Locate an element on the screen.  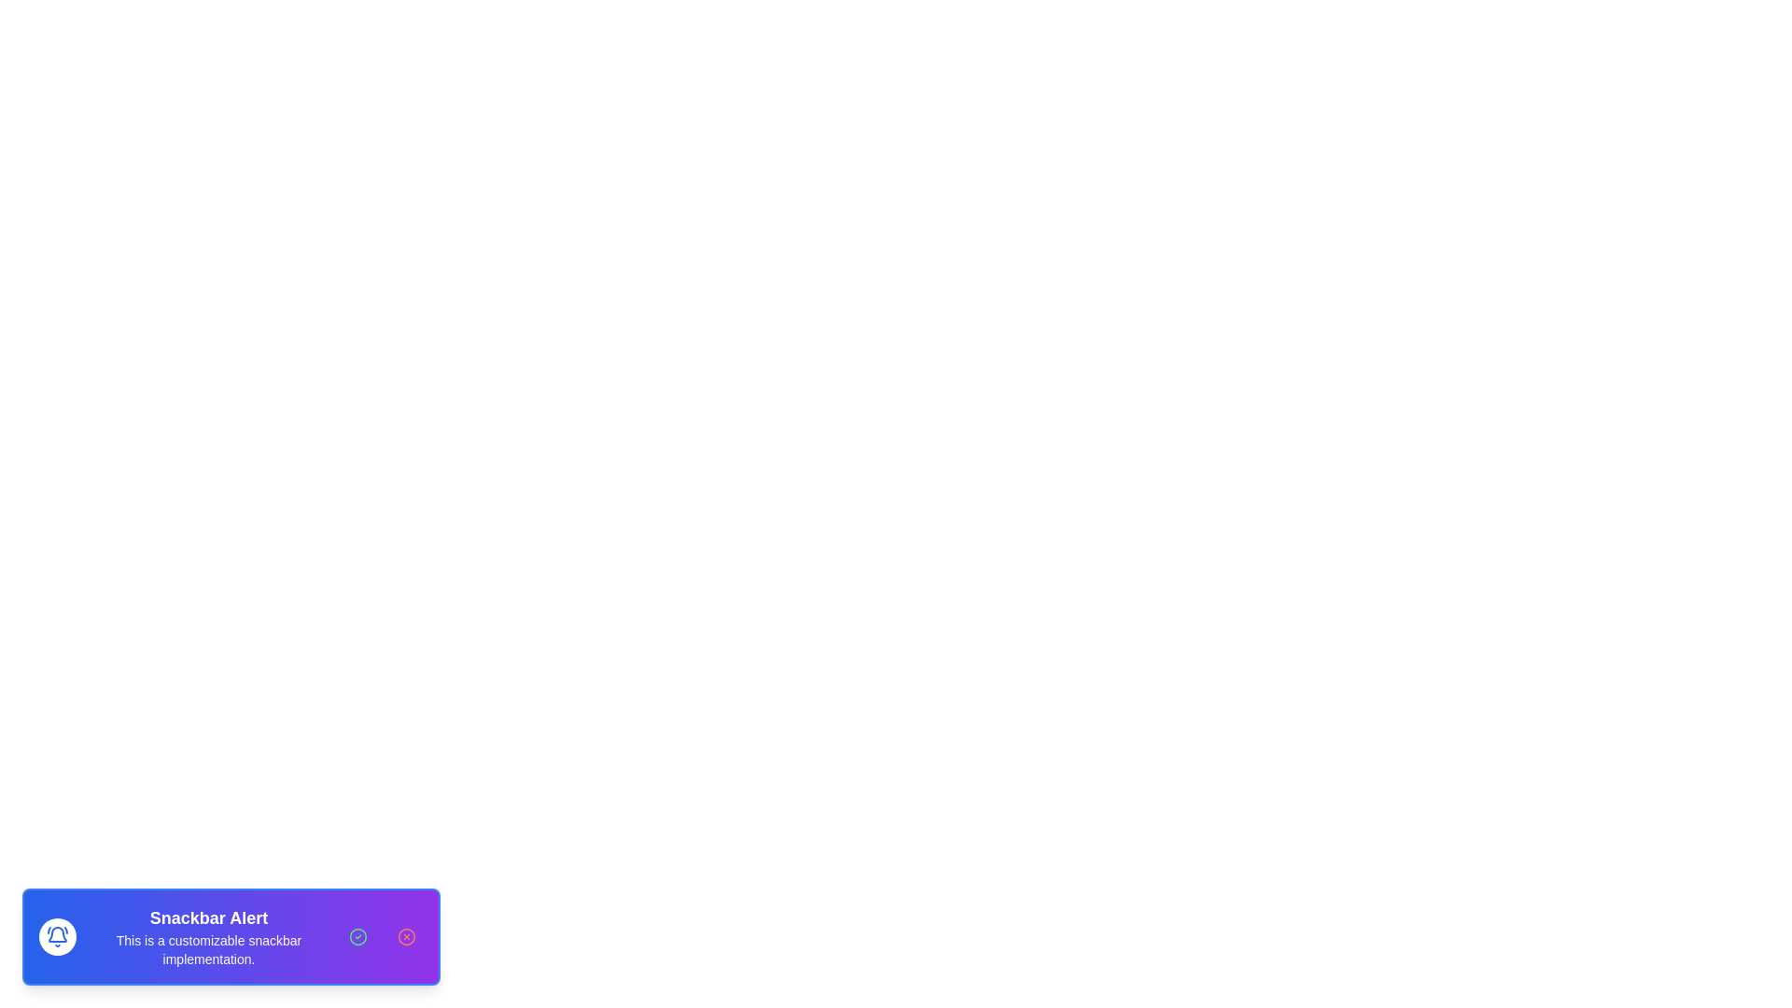
the close button to hide the snackbar is located at coordinates (406, 936).